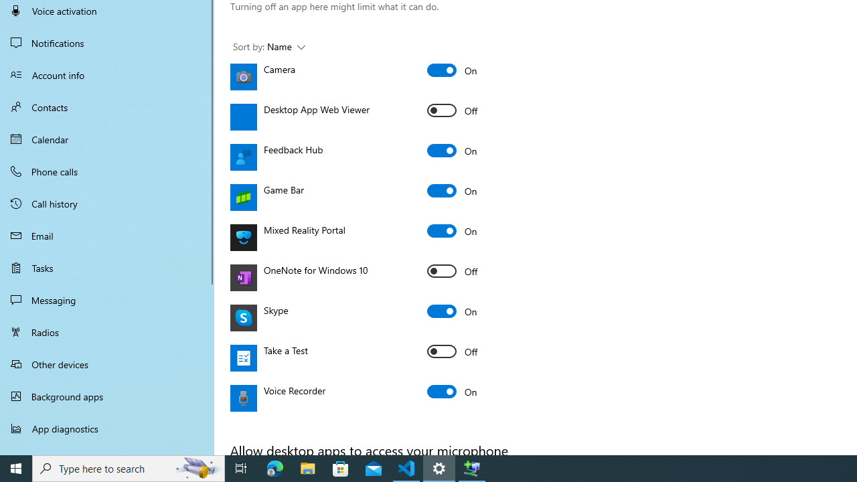 This screenshot has width=857, height=482. I want to click on 'Calendar', so click(107, 139).